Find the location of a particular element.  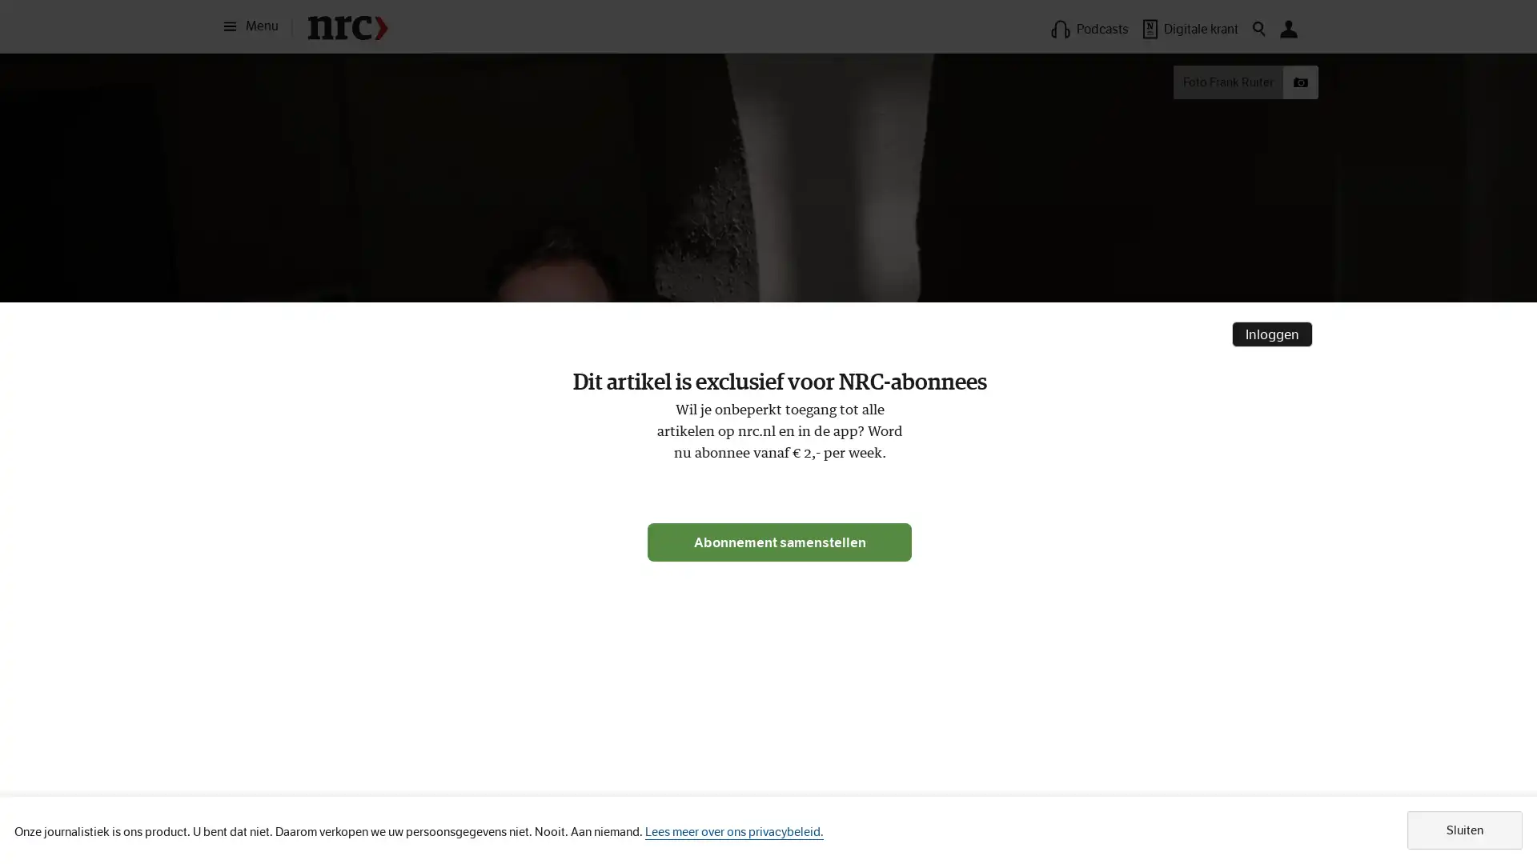

Menu is located at coordinates (256, 26).